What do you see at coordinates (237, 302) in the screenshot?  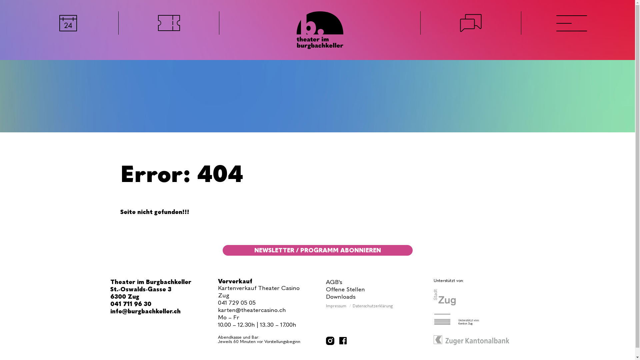 I see `'041 729 05 05'` at bounding box center [237, 302].